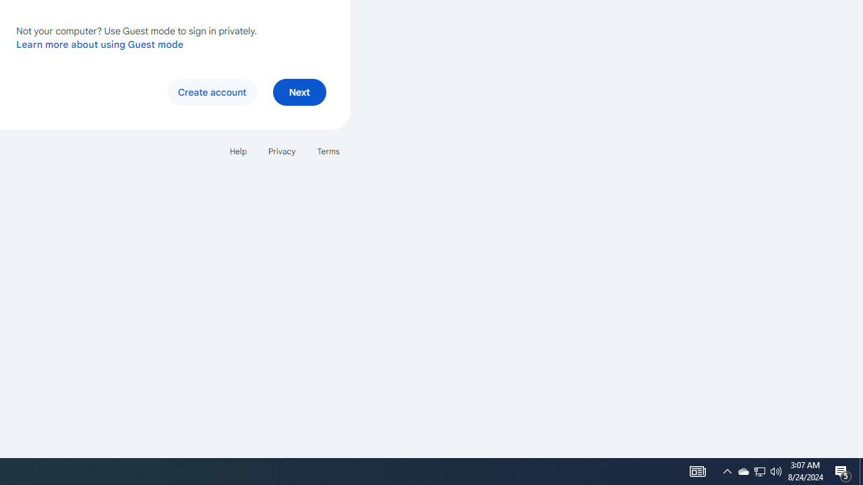 The width and height of the screenshot is (863, 485). I want to click on 'Learn more about using Guest mode', so click(99, 43).